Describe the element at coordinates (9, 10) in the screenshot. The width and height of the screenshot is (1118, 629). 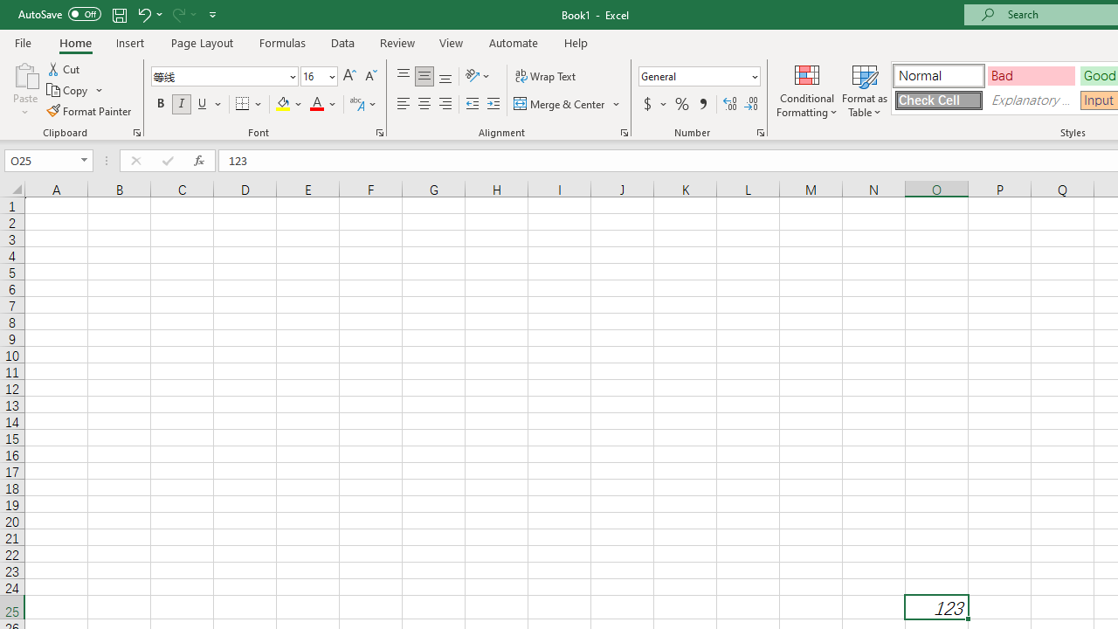
I see `'System'` at that location.